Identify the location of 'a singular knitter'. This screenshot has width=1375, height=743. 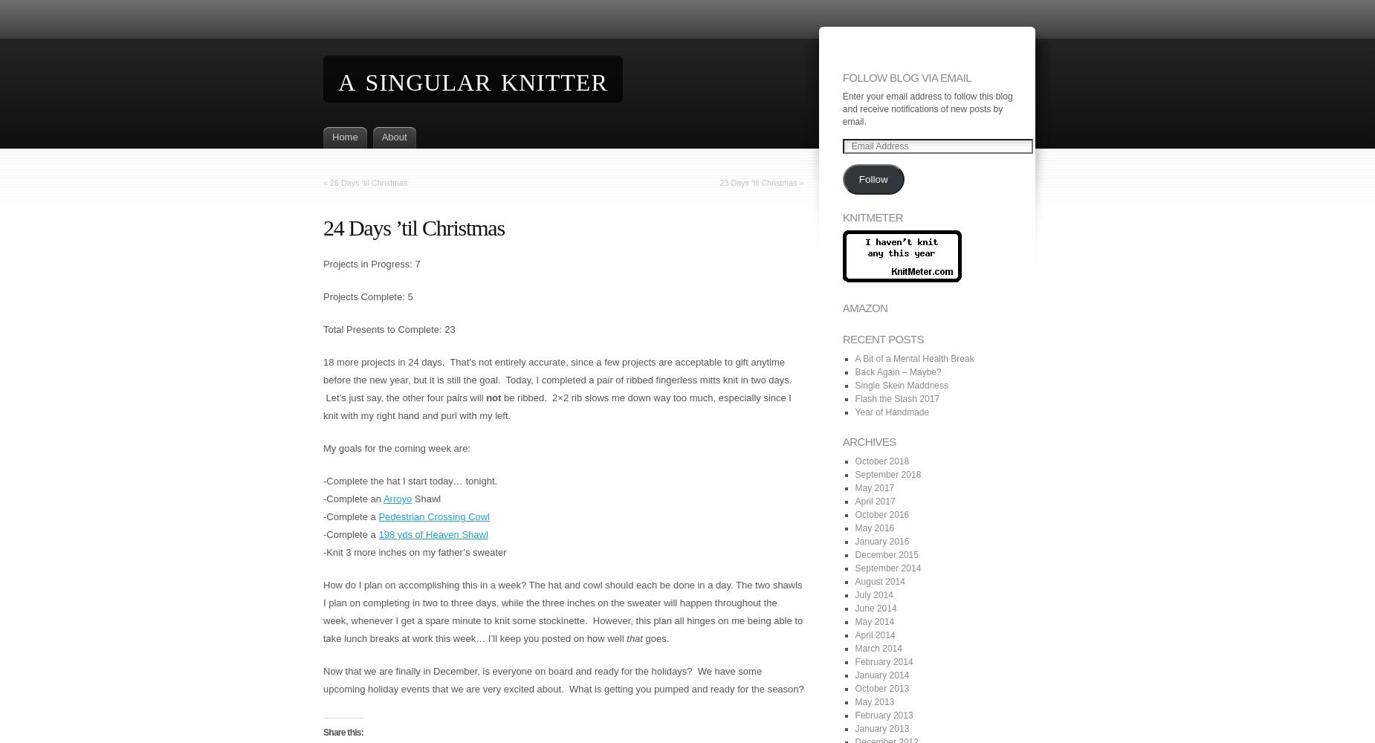
(337, 78).